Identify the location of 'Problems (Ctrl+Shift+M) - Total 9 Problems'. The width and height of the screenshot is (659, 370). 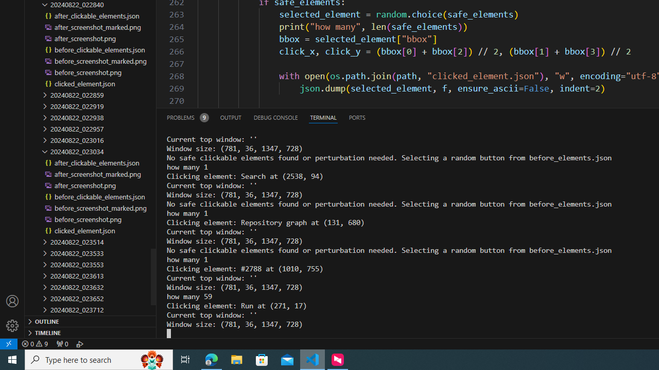
(187, 117).